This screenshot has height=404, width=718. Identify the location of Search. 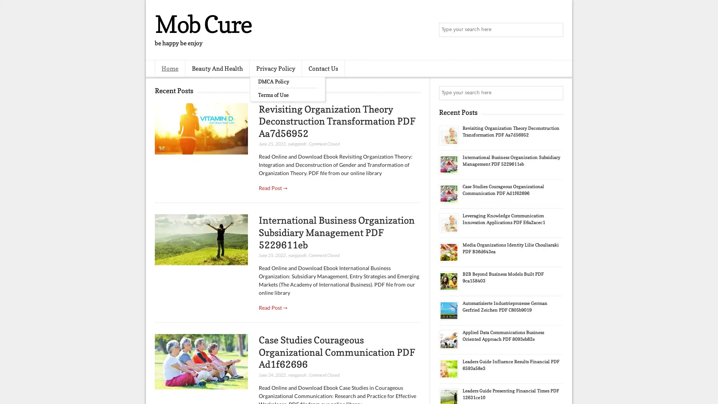
(555, 93).